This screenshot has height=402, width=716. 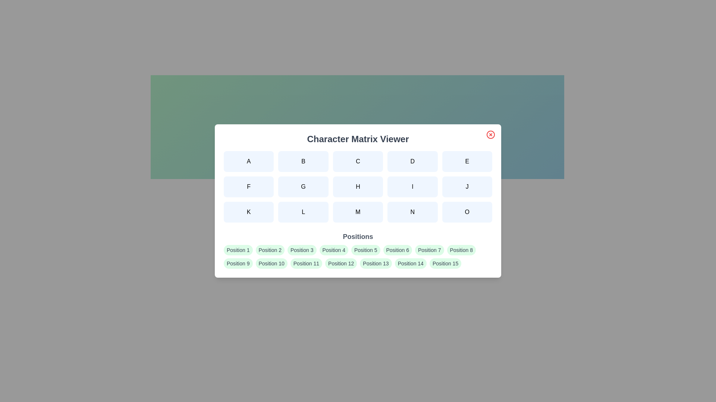 I want to click on the character button labeled C, so click(x=358, y=161).